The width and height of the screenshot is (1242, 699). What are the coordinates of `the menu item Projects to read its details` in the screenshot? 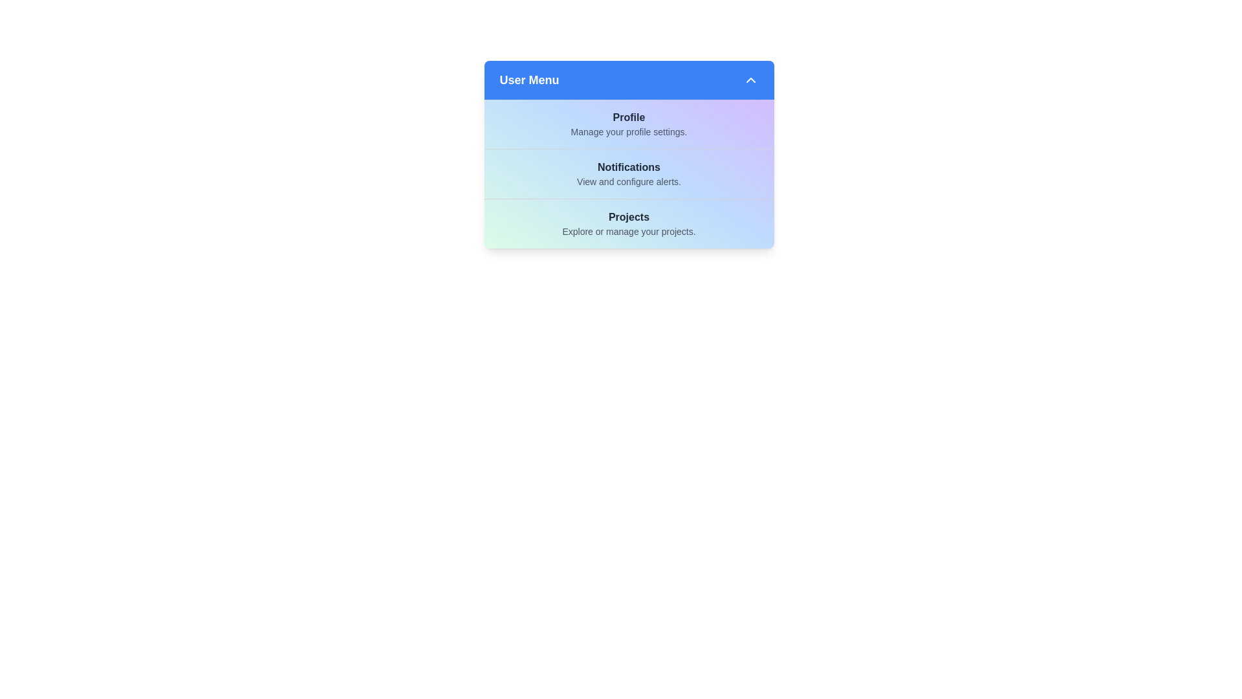 It's located at (629, 223).